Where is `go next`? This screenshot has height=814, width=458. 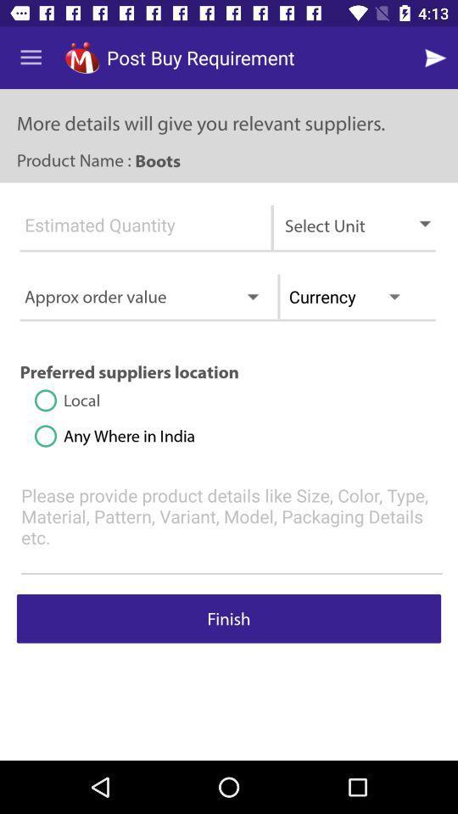 go next is located at coordinates (438, 58).